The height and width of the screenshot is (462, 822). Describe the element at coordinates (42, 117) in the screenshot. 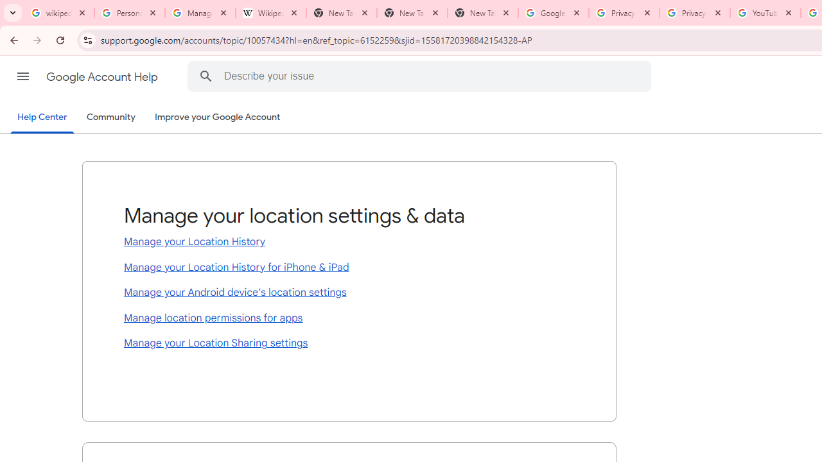

I see `'Help Center'` at that location.